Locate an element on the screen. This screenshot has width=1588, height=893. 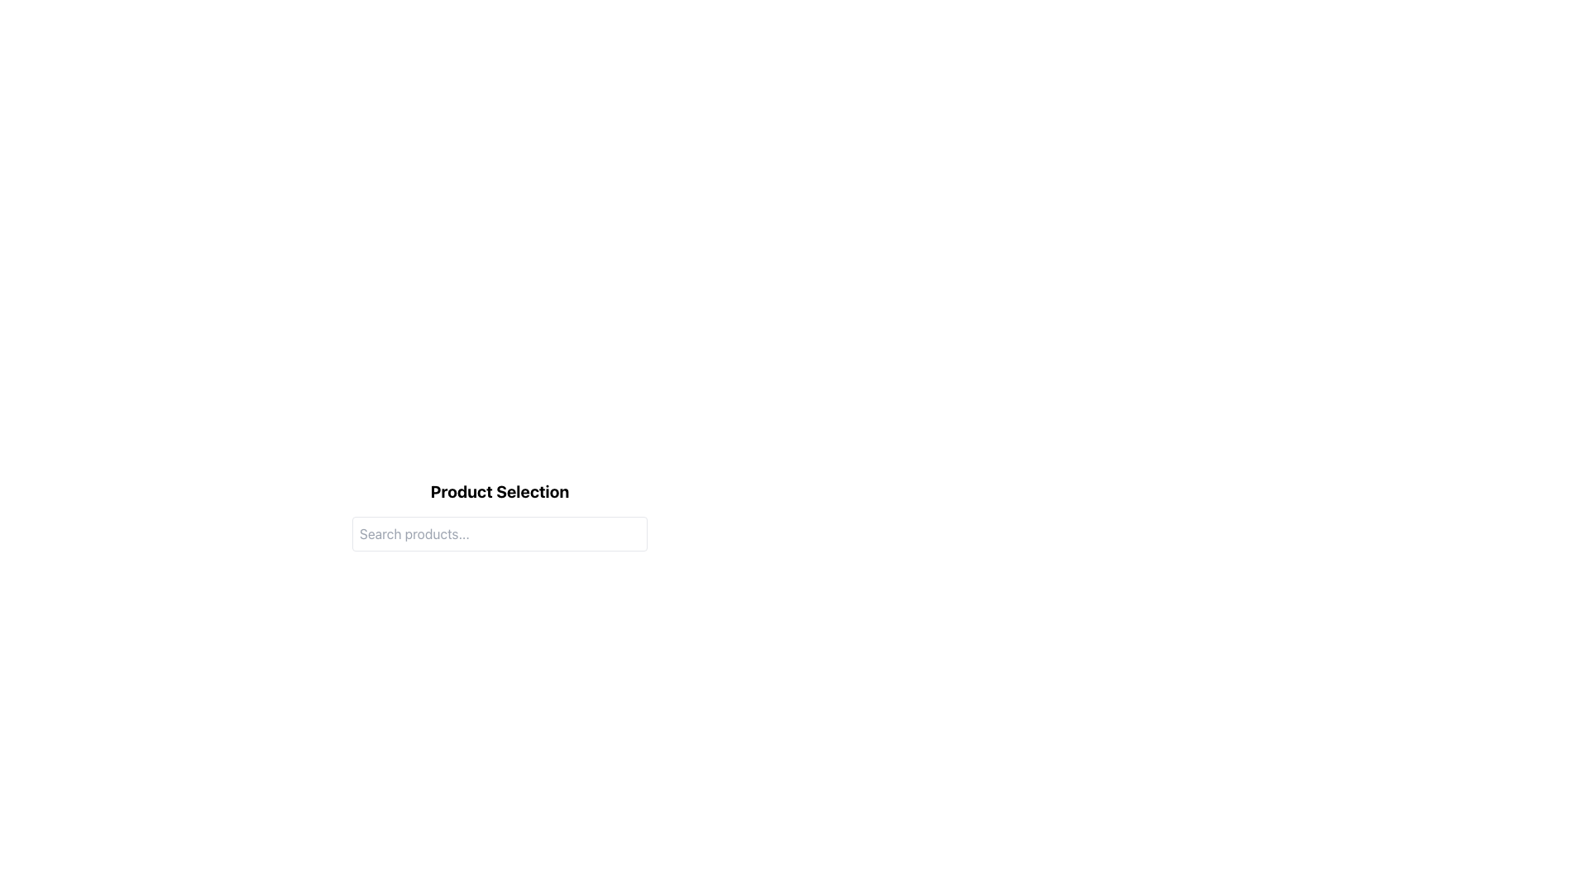
the 'Product Selection' text element, which is styled in bold and large font and serves as a title above the text input field is located at coordinates (499, 490).